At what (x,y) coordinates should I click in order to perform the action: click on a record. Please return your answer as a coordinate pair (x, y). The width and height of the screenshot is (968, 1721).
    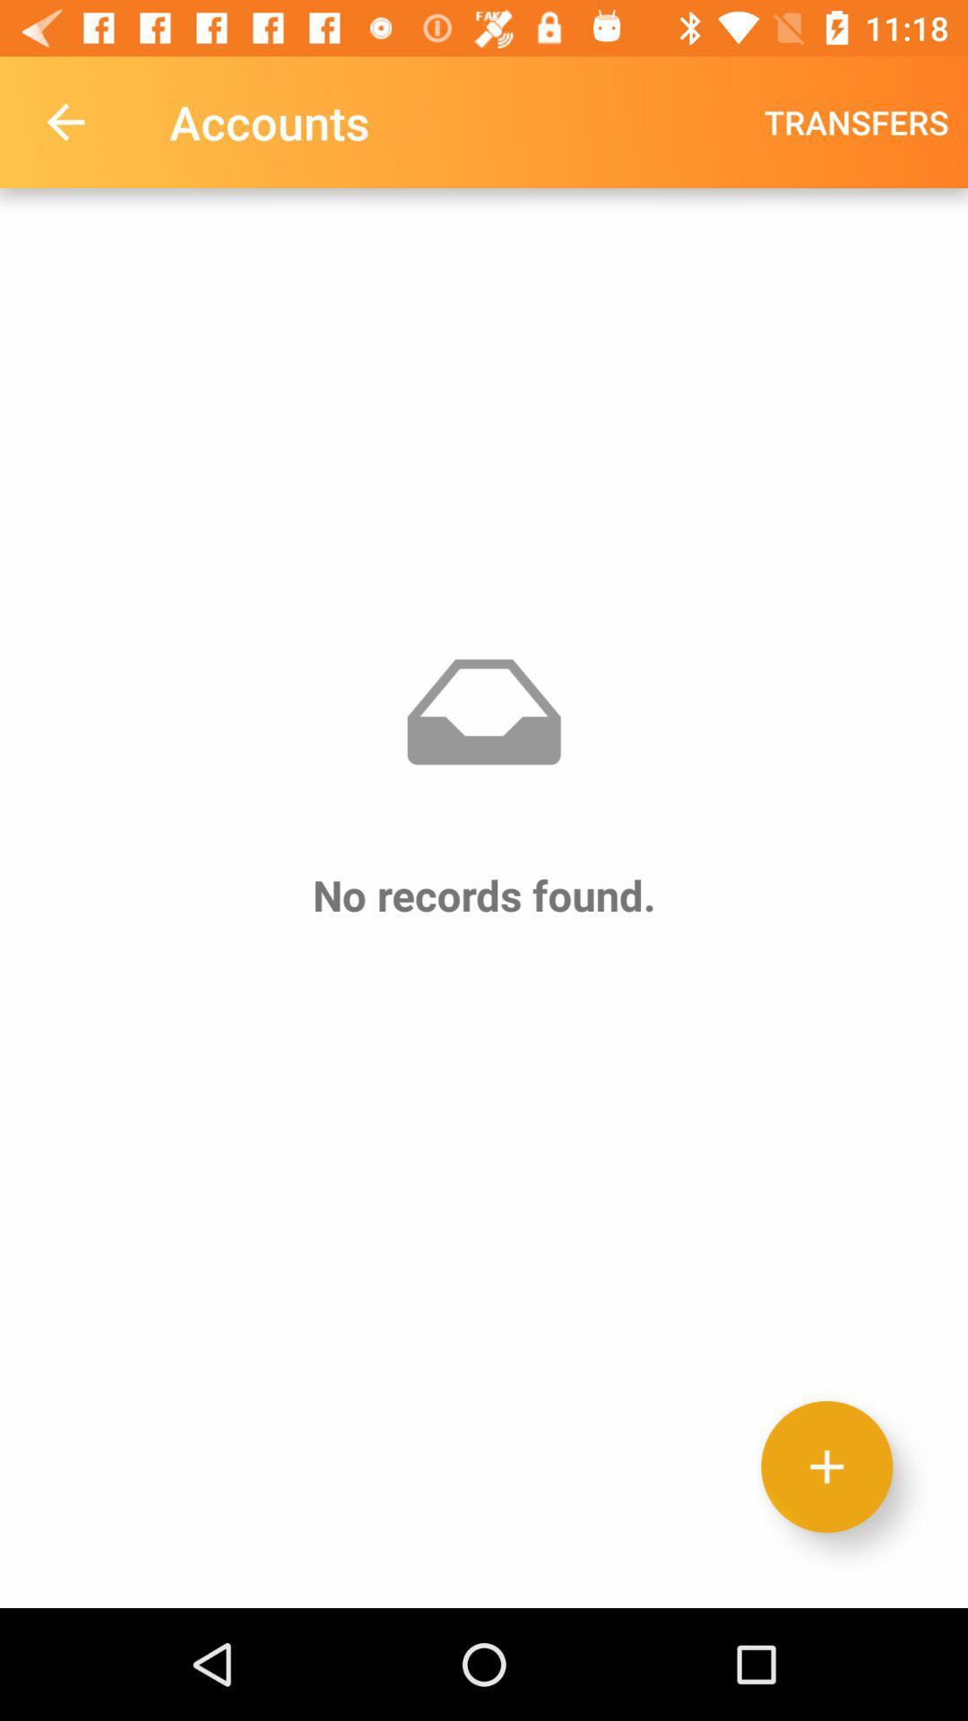
    Looking at the image, I should click on (826, 1466).